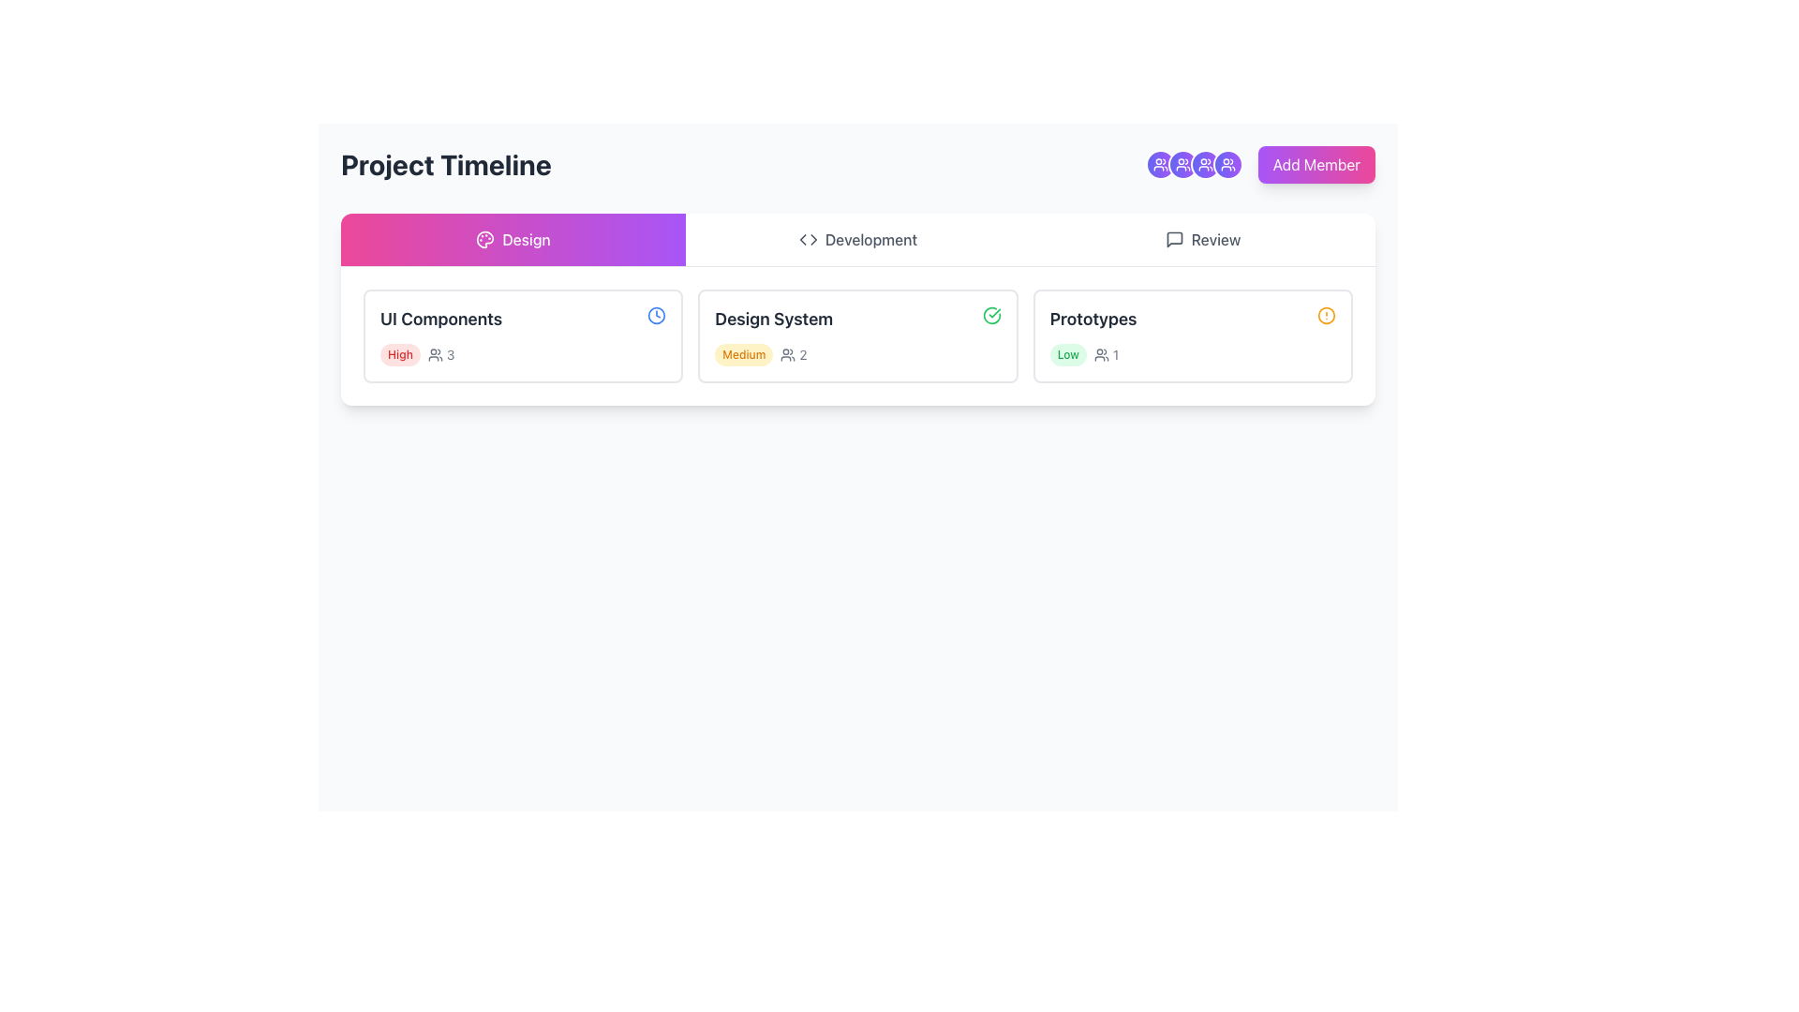 The height and width of the screenshot is (1012, 1799). What do you see at coordinates (525, 238) in the screenshot?
I see `the text label that reads 'Design', which is styled in white on a gradient background transitioning from pink to purple` at bounding box center [525, 238].